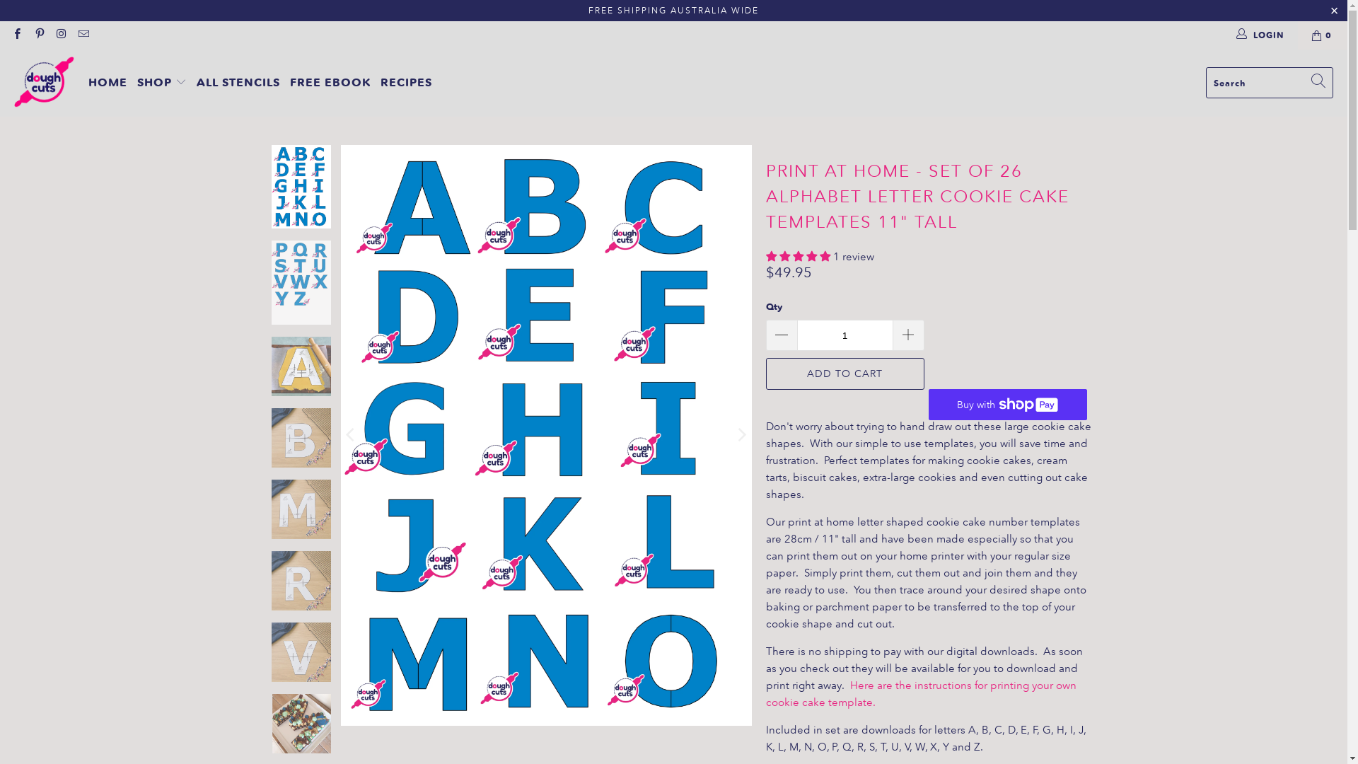 The height and width of the screenshot is (764, 1358). Describe the element at coordinates (944, 400) in the screenshot. I see `'More payment options'` at that location.